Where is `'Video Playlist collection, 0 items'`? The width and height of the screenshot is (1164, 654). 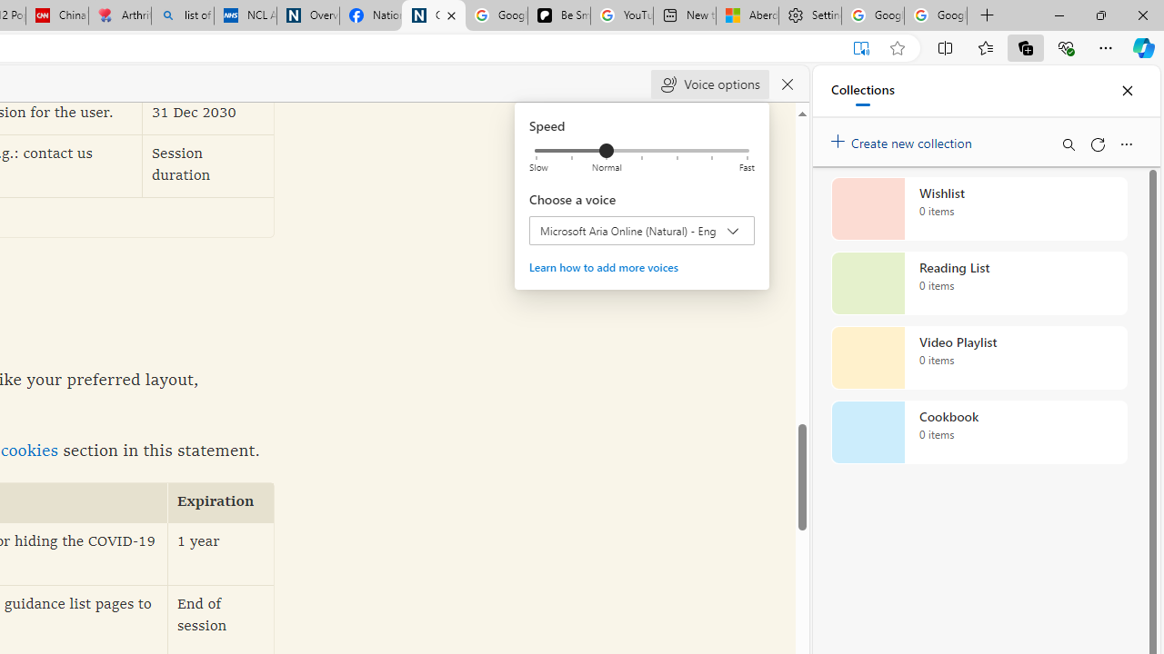 'Video Playlist collection, 0 items' is located at coordinates (978, 358).